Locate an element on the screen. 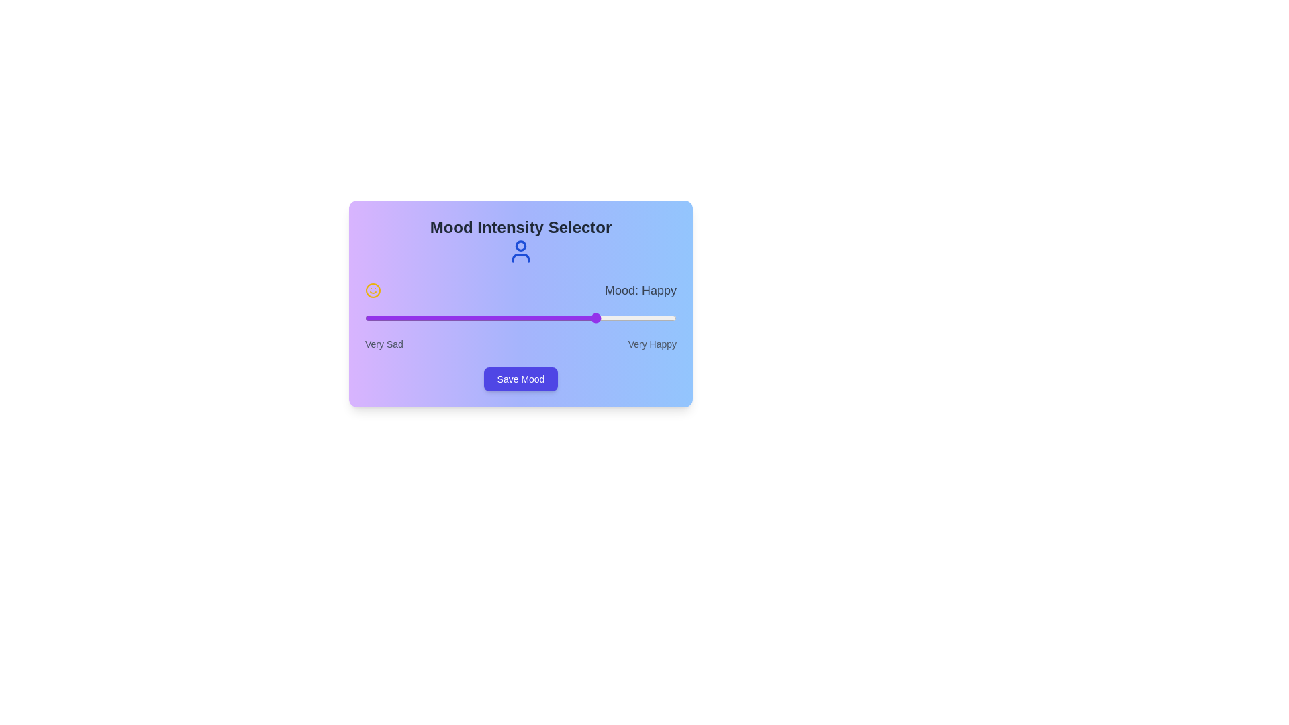  the 'Save Mood' button is located at coordinates (520, 379).